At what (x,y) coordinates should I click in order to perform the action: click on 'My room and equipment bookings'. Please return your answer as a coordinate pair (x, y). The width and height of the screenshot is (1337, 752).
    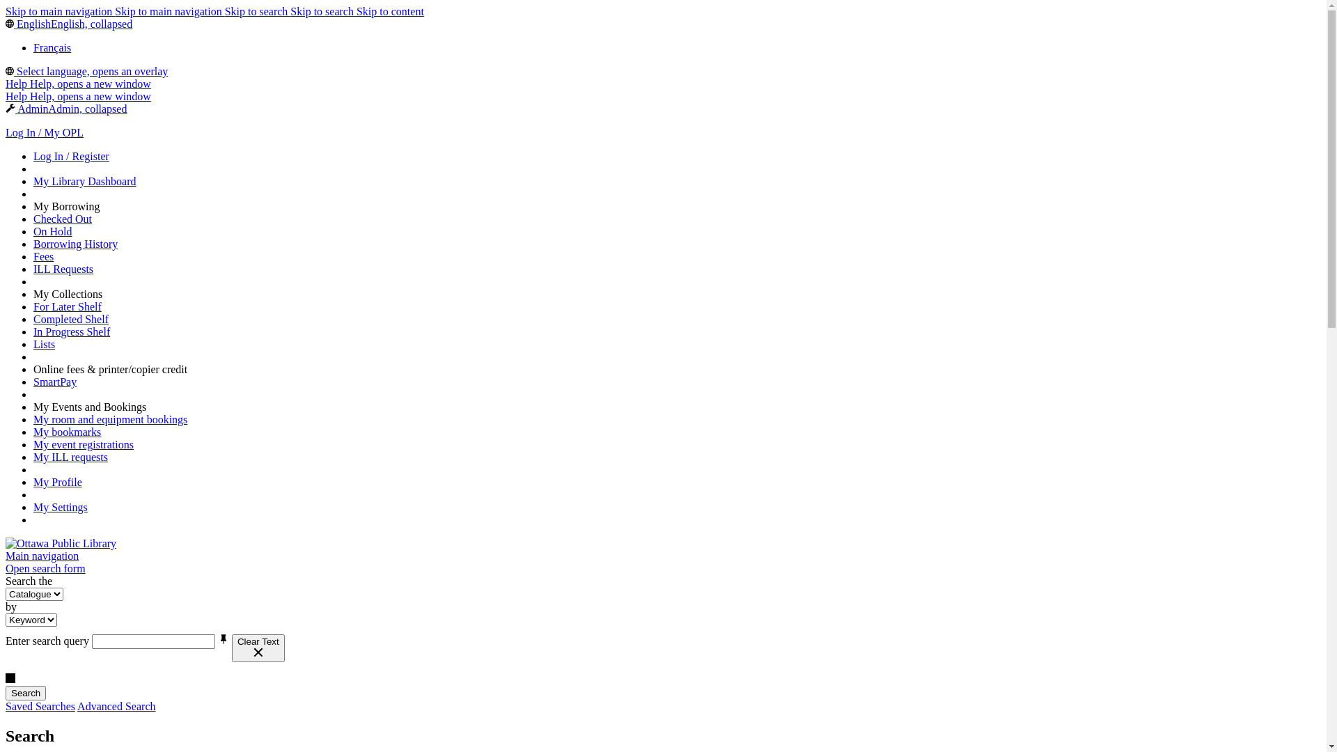
    Looking at the image, I should click on (109, 418).